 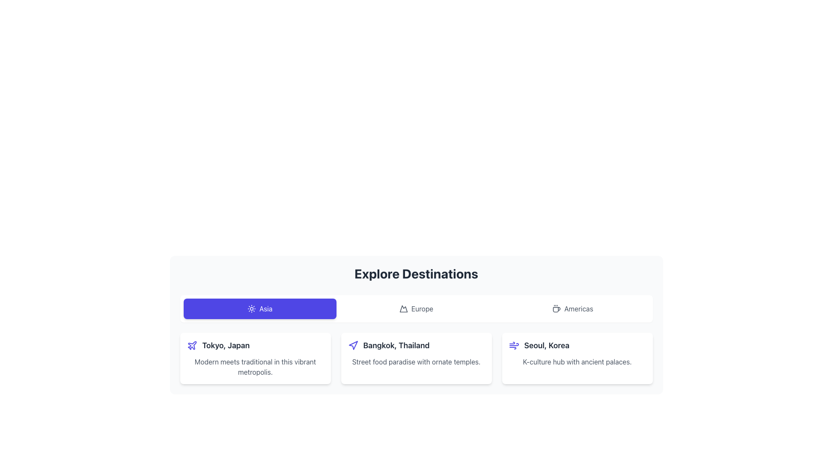 What do you see at coordinates (251, 308) in the screenshot?
I see `the sun-like icon located within the 'Asia' button, positioned to the left of the text 'Asia' in the 'Explore Destinations' section` at bounding box center [251, 308].